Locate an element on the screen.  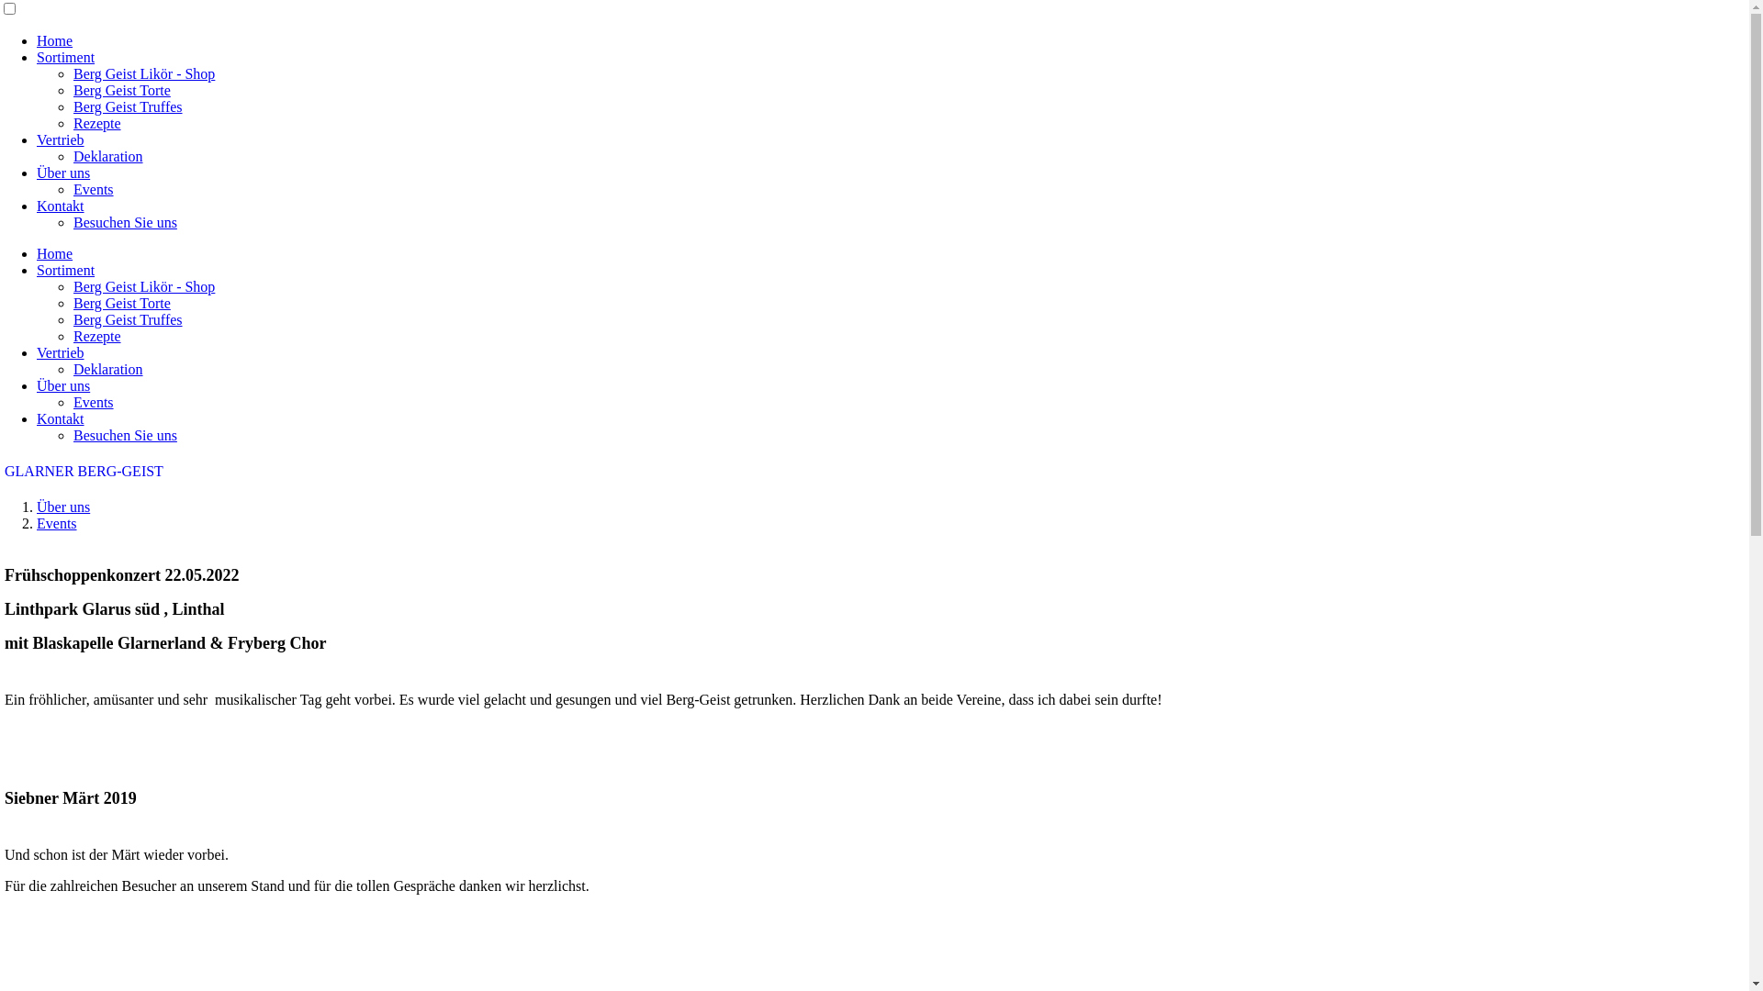
'Sortiment' is located at coordinates (65, 56).